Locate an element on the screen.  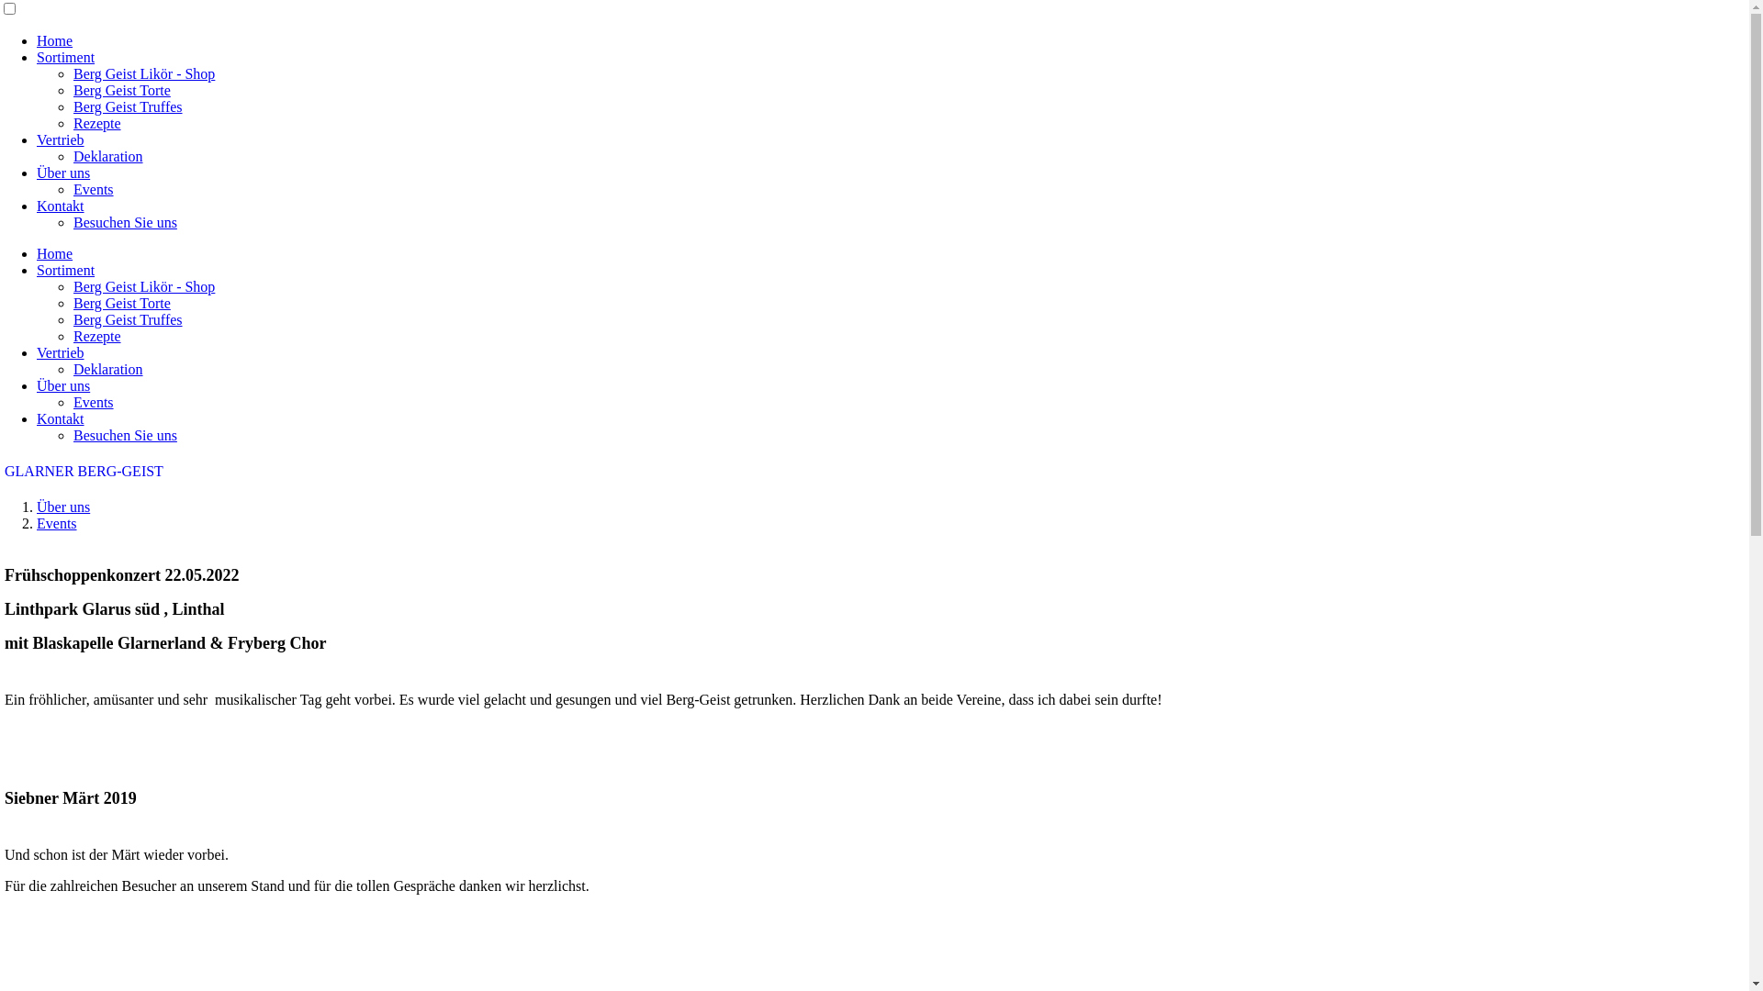
'Sortiment' is located at coordinates (65, 56).